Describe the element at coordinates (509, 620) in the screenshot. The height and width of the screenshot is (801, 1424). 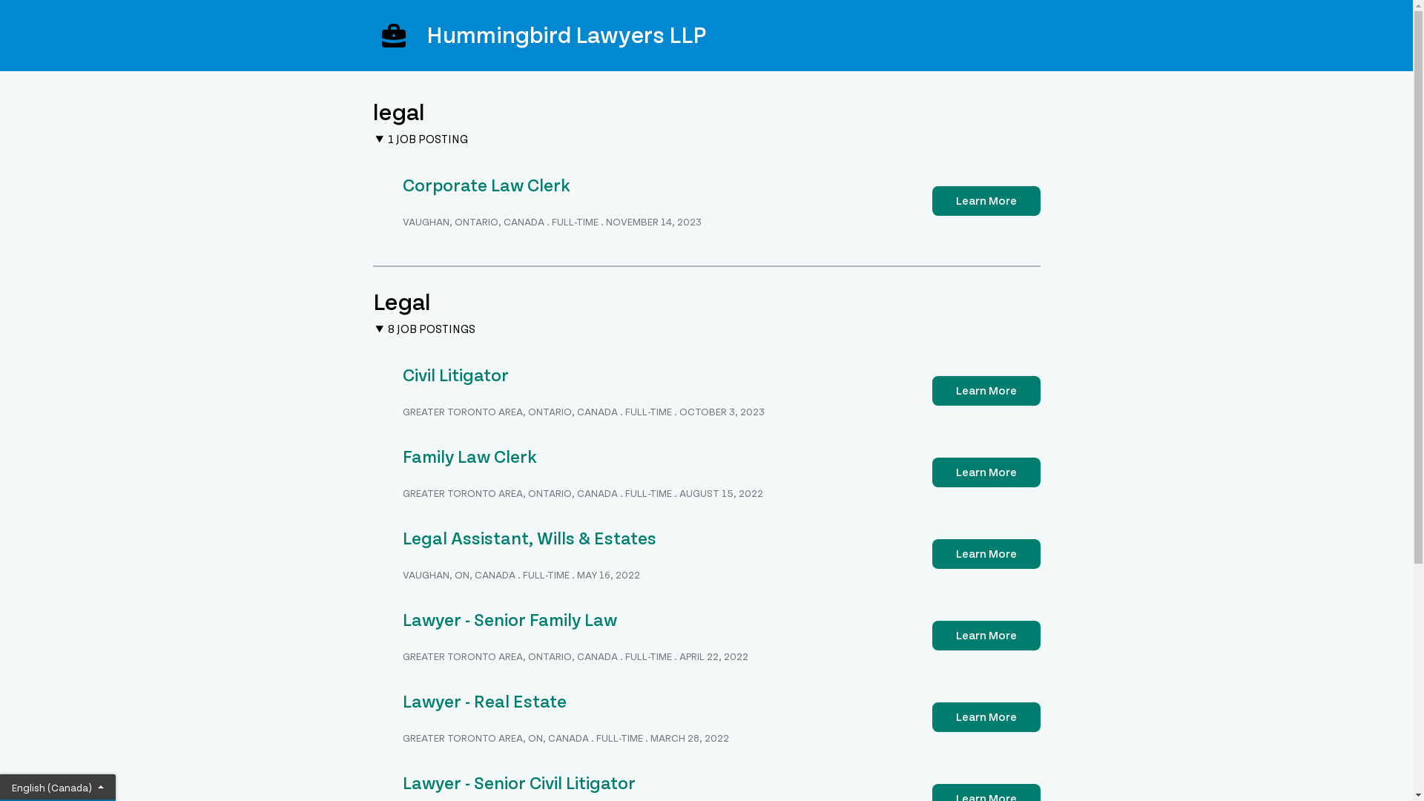
I see `'Lawyer - Senior Family Law'` at that location.